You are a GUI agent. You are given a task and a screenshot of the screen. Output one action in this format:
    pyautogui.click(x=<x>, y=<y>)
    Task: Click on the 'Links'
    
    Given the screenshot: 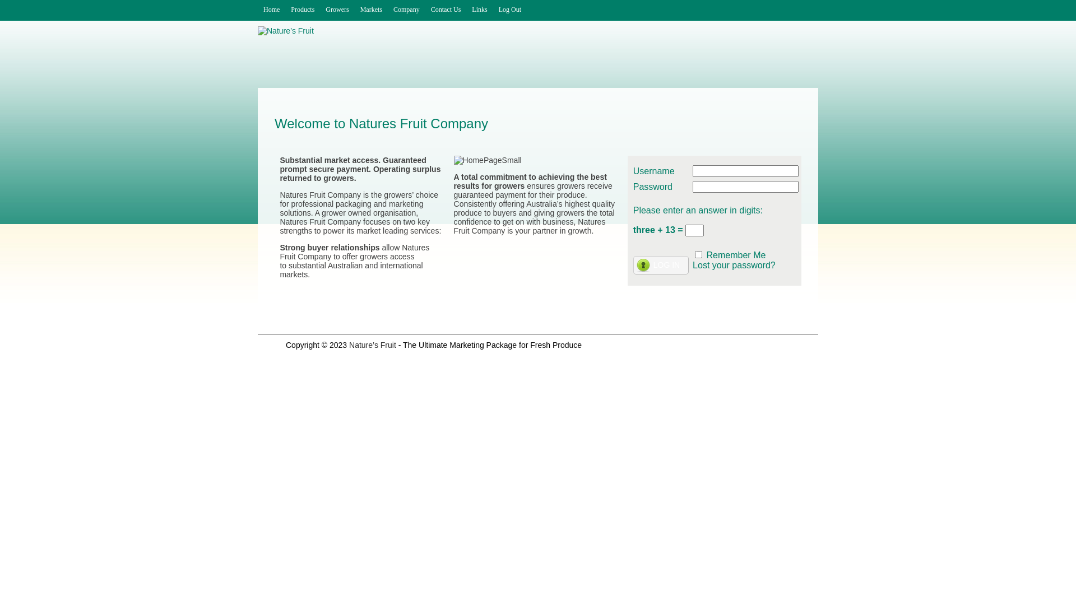 What is the action you would take?
    pyautogui.click(x=466, y=10)
    